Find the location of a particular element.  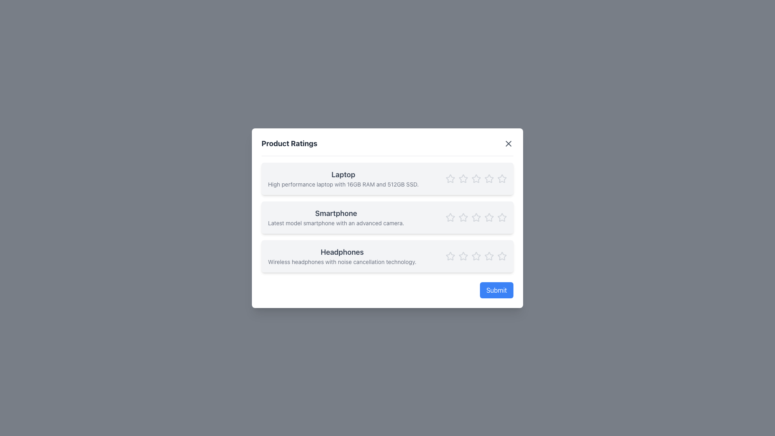

product rating information for the 'Smartphone' which includes the title and description, located in the second item of a vertical list within a modal dialog box is located at coordinates (387, 218).